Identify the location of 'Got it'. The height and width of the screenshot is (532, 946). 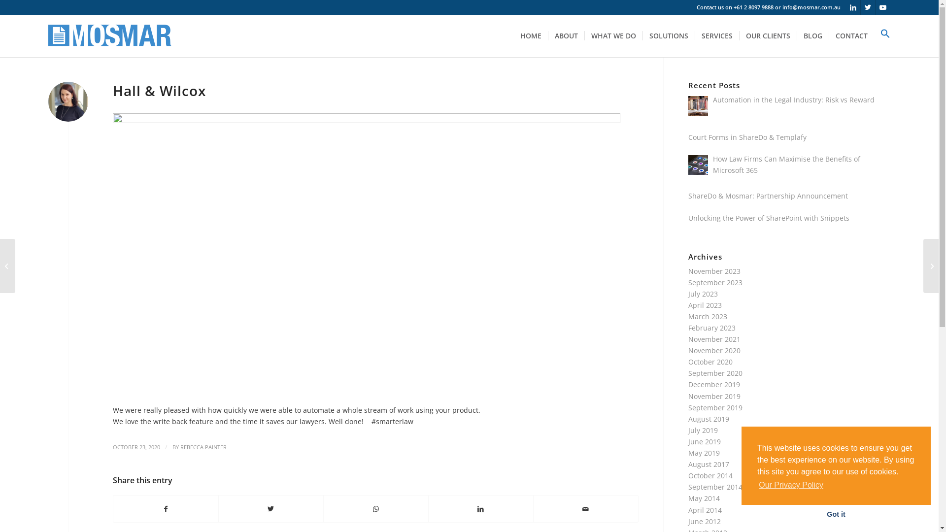
(836, 514).